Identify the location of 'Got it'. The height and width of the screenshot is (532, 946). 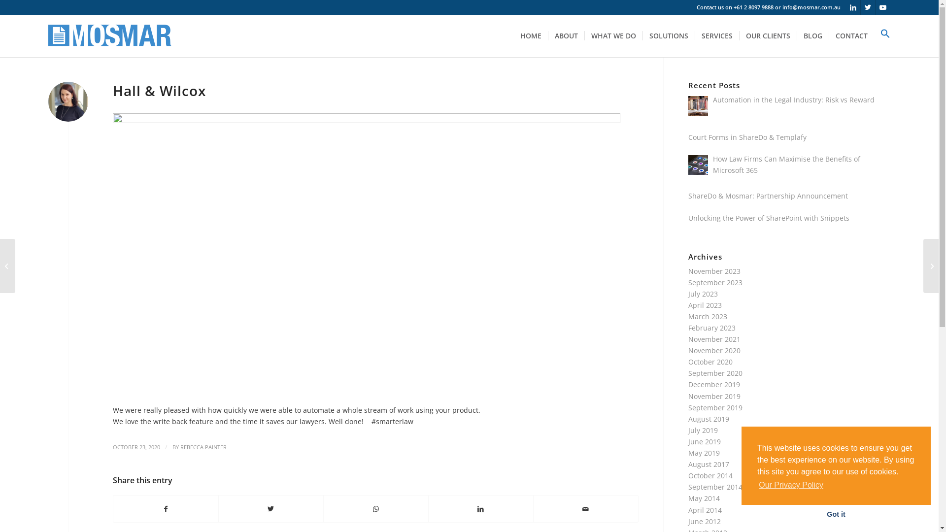
(836, 514).